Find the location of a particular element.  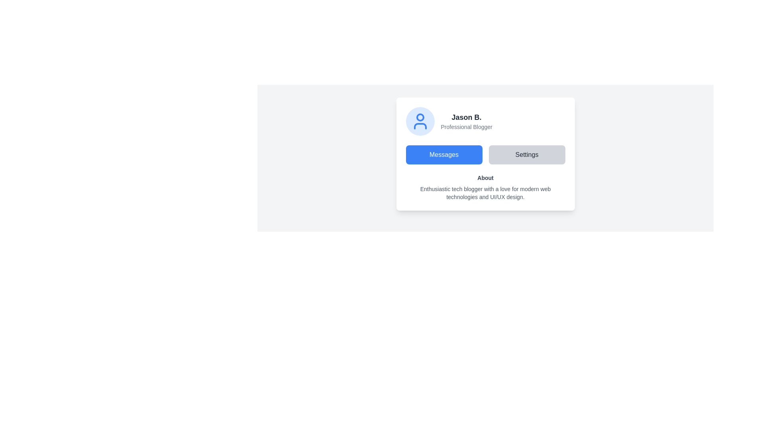

the 'About' text label, which is a bold, dark gray word located in the upper-middle of the profile card, above a descriptive paragraph is located at coordinates (485, 178).